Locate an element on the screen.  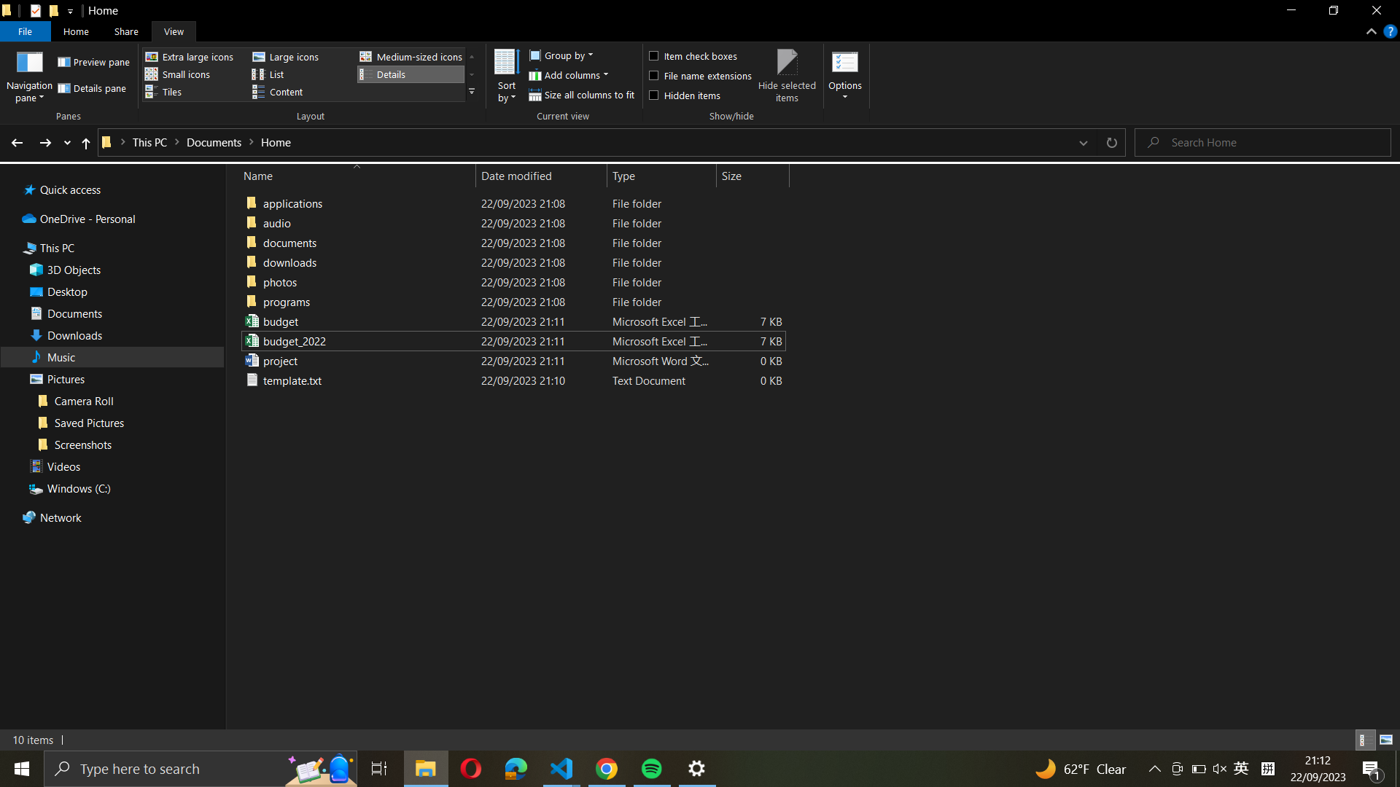
Migrate the "template.txt" file to the "downloads" sub-directory using the drag-and-drop action is located at coordinates (510, 378).